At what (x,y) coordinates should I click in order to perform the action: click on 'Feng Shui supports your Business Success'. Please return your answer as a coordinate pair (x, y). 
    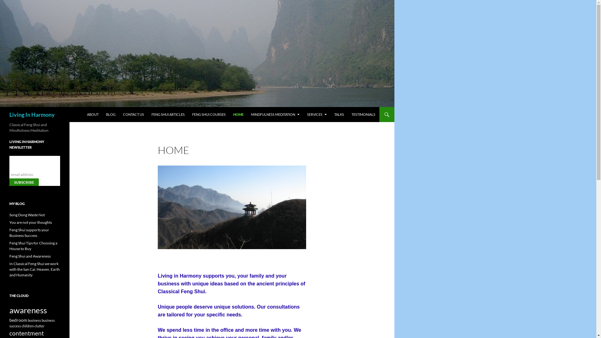
    Looking at the image, I should click on (29, 233).